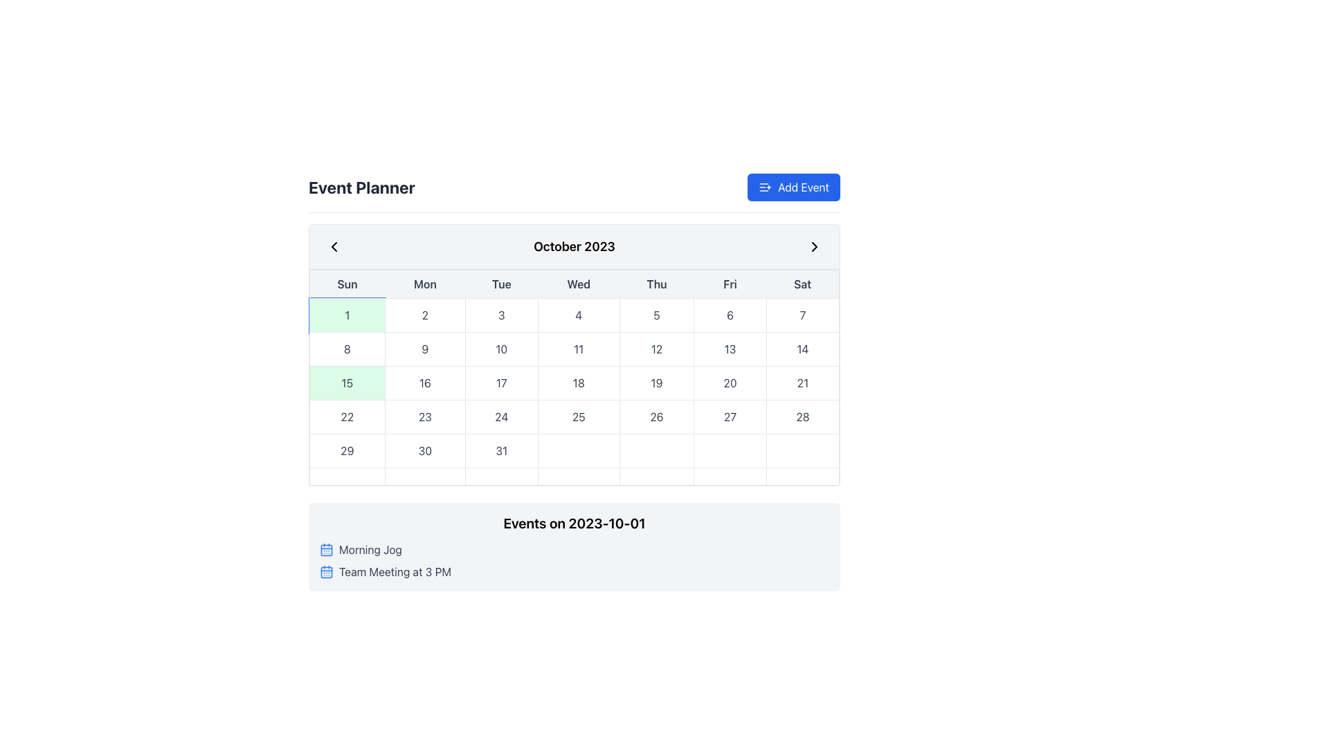 This screenshot has height=747, width=1329. Describe the element at coordinates (730, 315) in the screenshot. I see `the grid cell displaying the character '6' in a calendar layout` at that location.